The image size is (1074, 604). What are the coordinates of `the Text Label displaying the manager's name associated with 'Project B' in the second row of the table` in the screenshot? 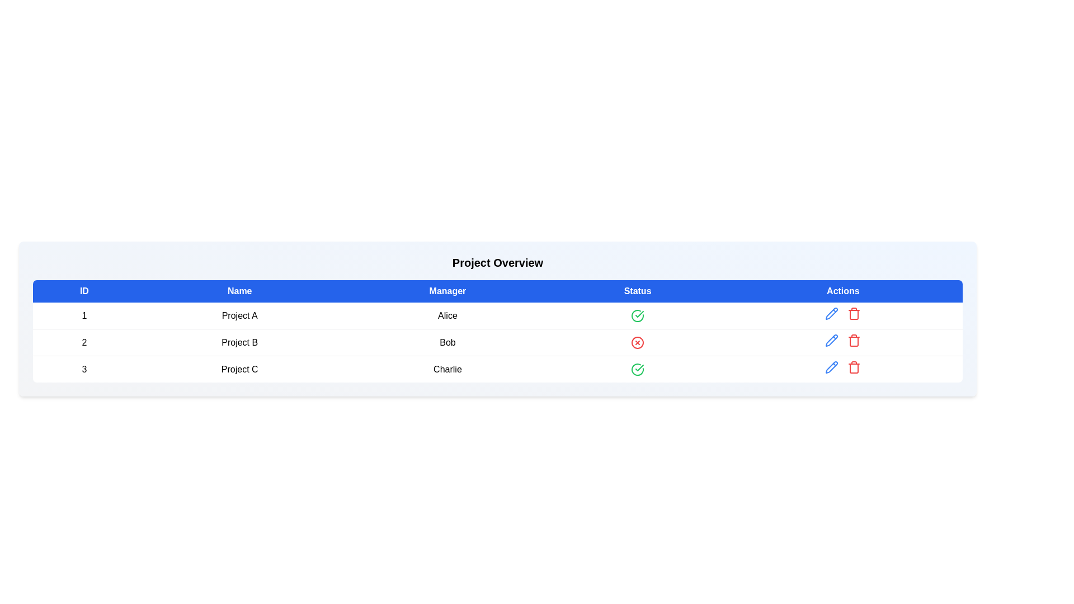 It's located at (447, 342).